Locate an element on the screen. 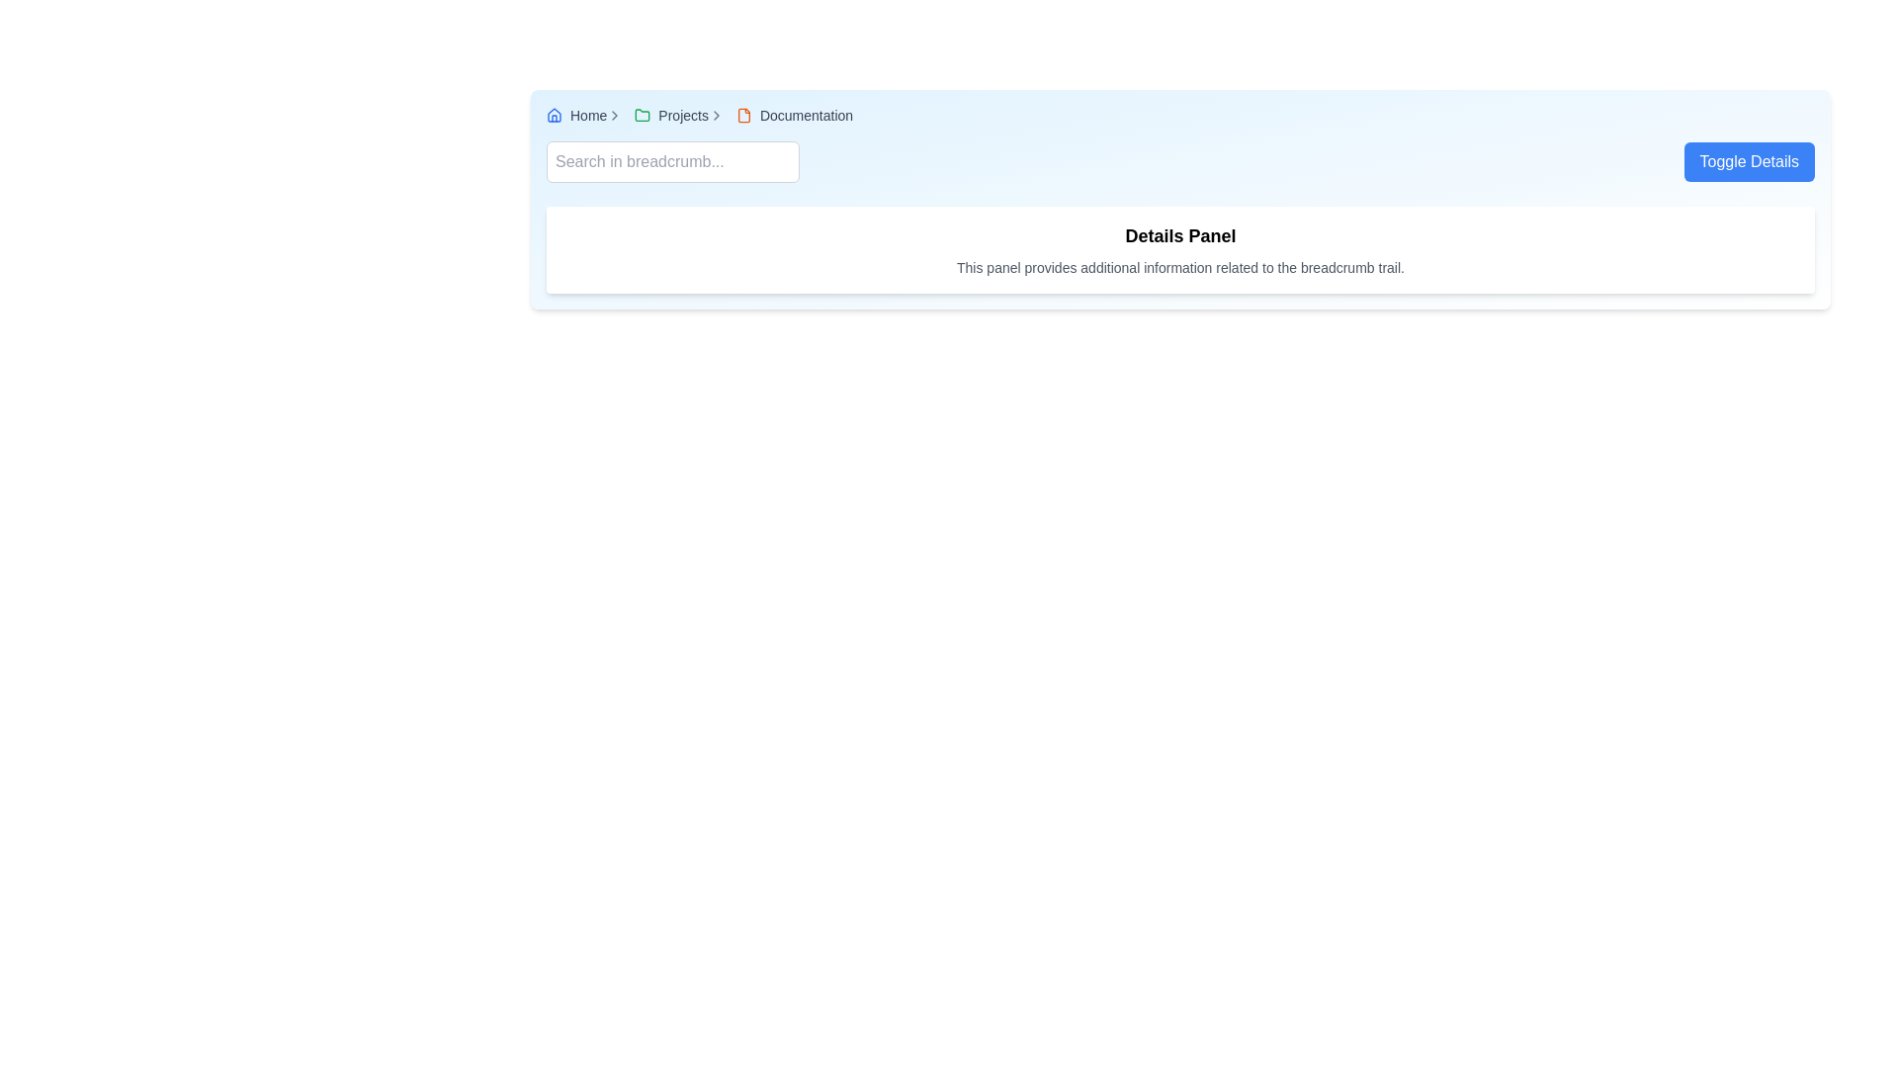 This screenshot has height=1068, width=1898. the first hyperlink in the breadcrumb navigation bar at the top-left corner is located at coordinates (575, 115).